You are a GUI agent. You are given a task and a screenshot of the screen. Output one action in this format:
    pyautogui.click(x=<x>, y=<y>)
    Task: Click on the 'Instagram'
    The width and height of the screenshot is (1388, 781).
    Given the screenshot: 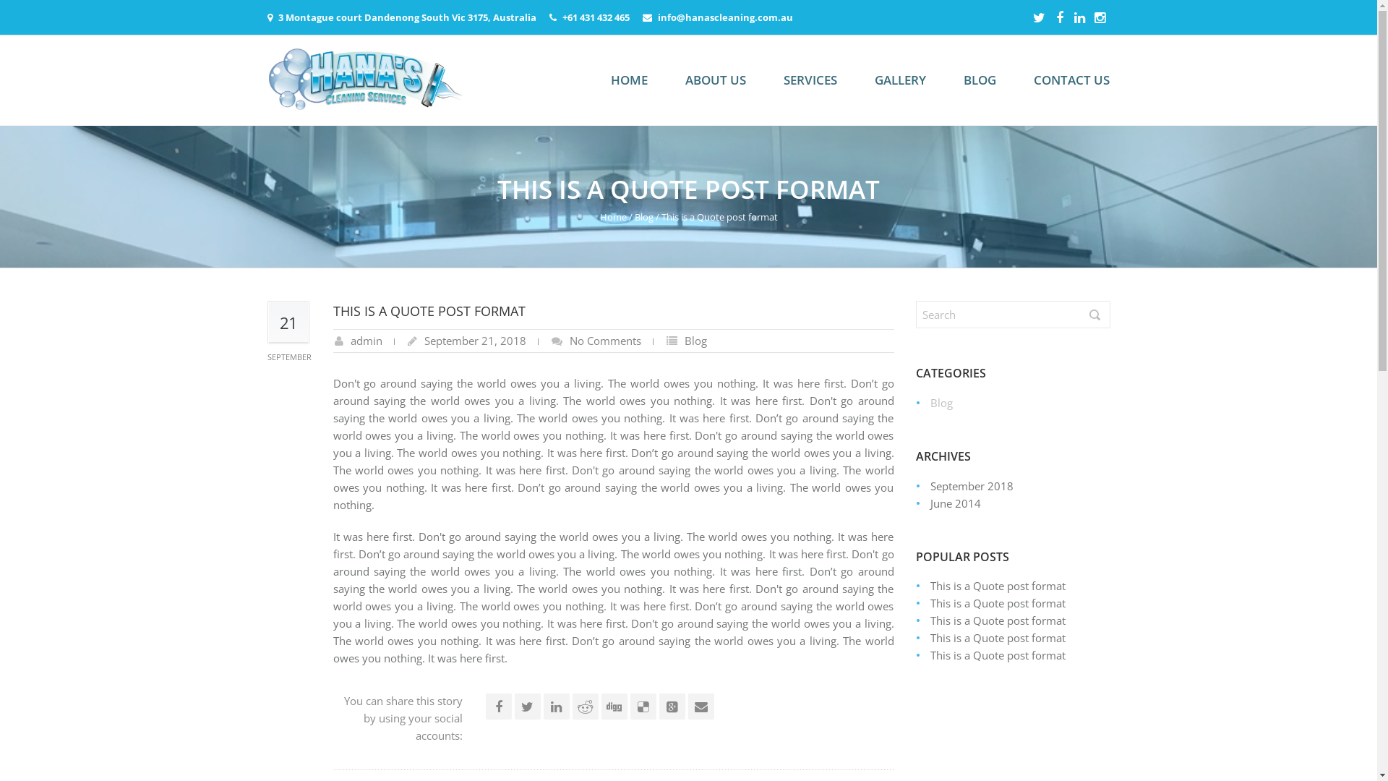 What is the action you would take?
    pyautogui.click(x=1099, y=17)
    